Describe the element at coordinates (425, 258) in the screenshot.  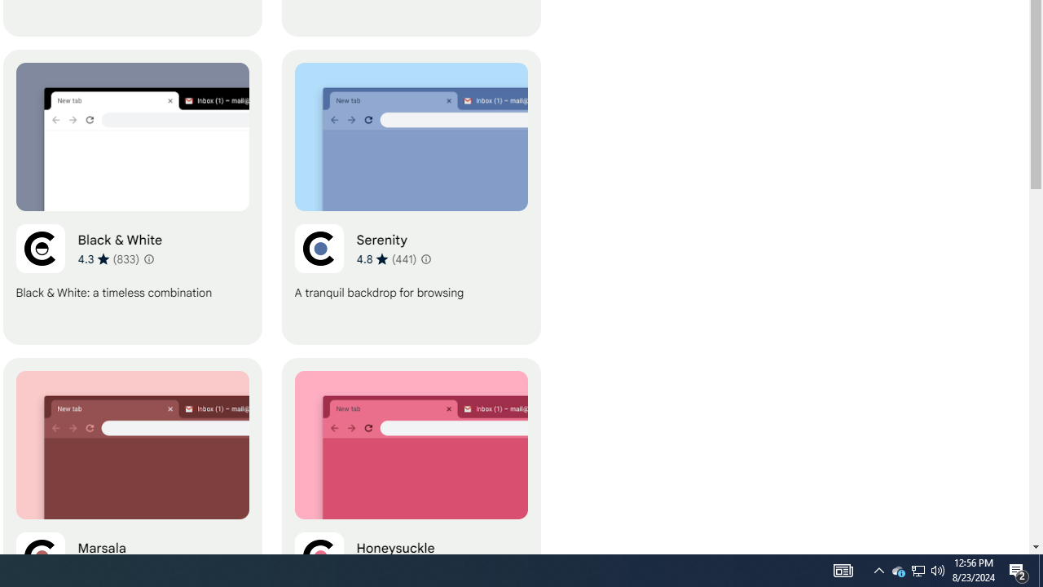
I see `'Learn more about results and reviews "Serenity"'` at that location.